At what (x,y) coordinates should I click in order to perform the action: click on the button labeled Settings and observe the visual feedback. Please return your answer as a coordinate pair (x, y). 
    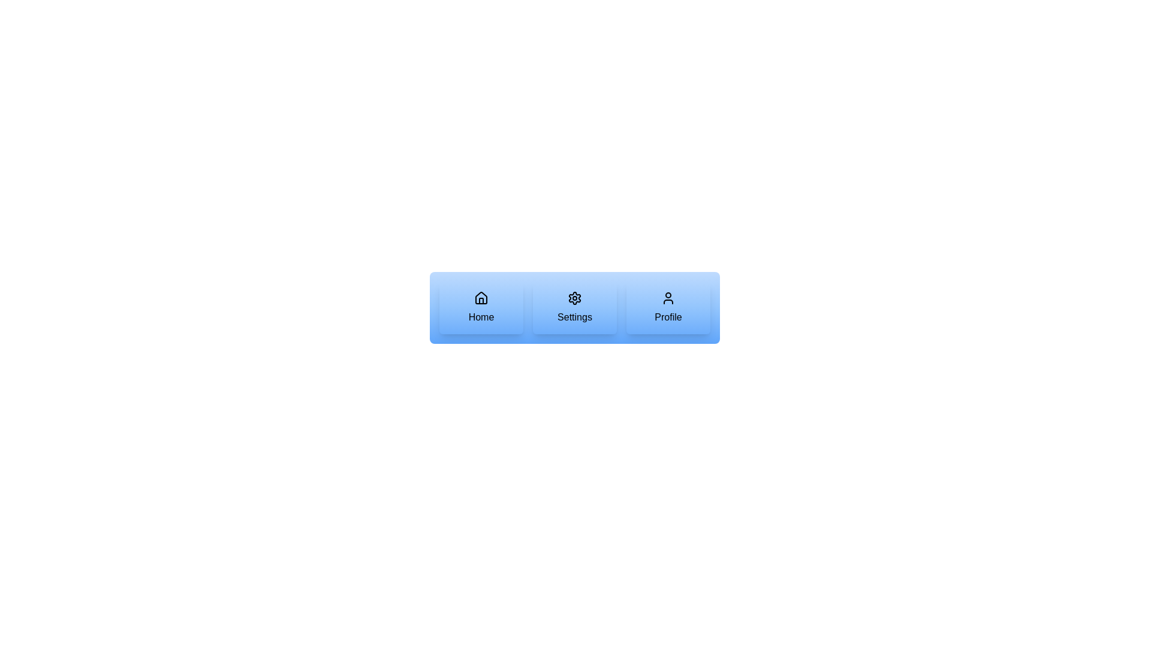
    Looking at the image, I should click on (574, 307).